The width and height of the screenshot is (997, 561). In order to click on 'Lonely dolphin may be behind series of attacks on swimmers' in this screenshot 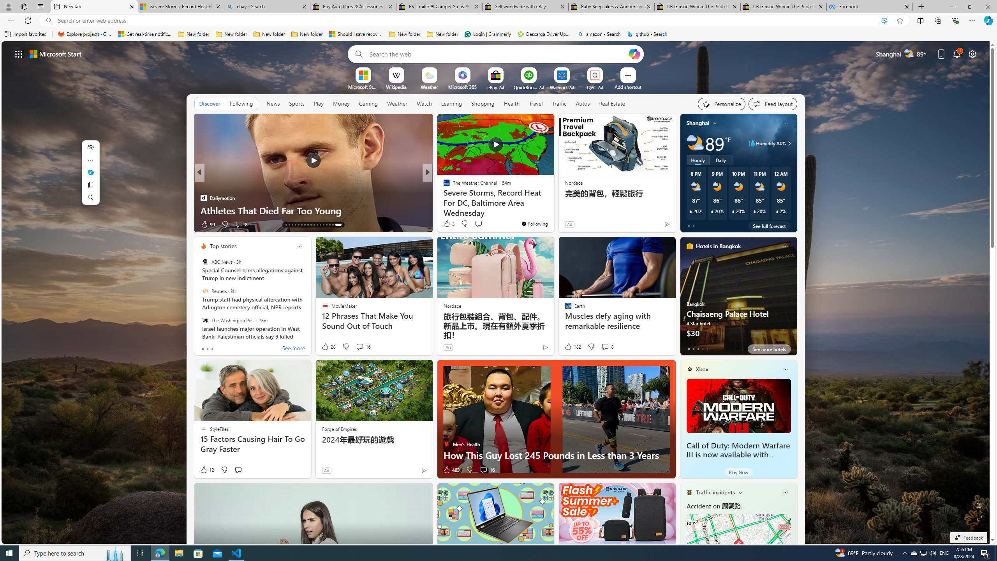, I will do `click(552, 204)`.